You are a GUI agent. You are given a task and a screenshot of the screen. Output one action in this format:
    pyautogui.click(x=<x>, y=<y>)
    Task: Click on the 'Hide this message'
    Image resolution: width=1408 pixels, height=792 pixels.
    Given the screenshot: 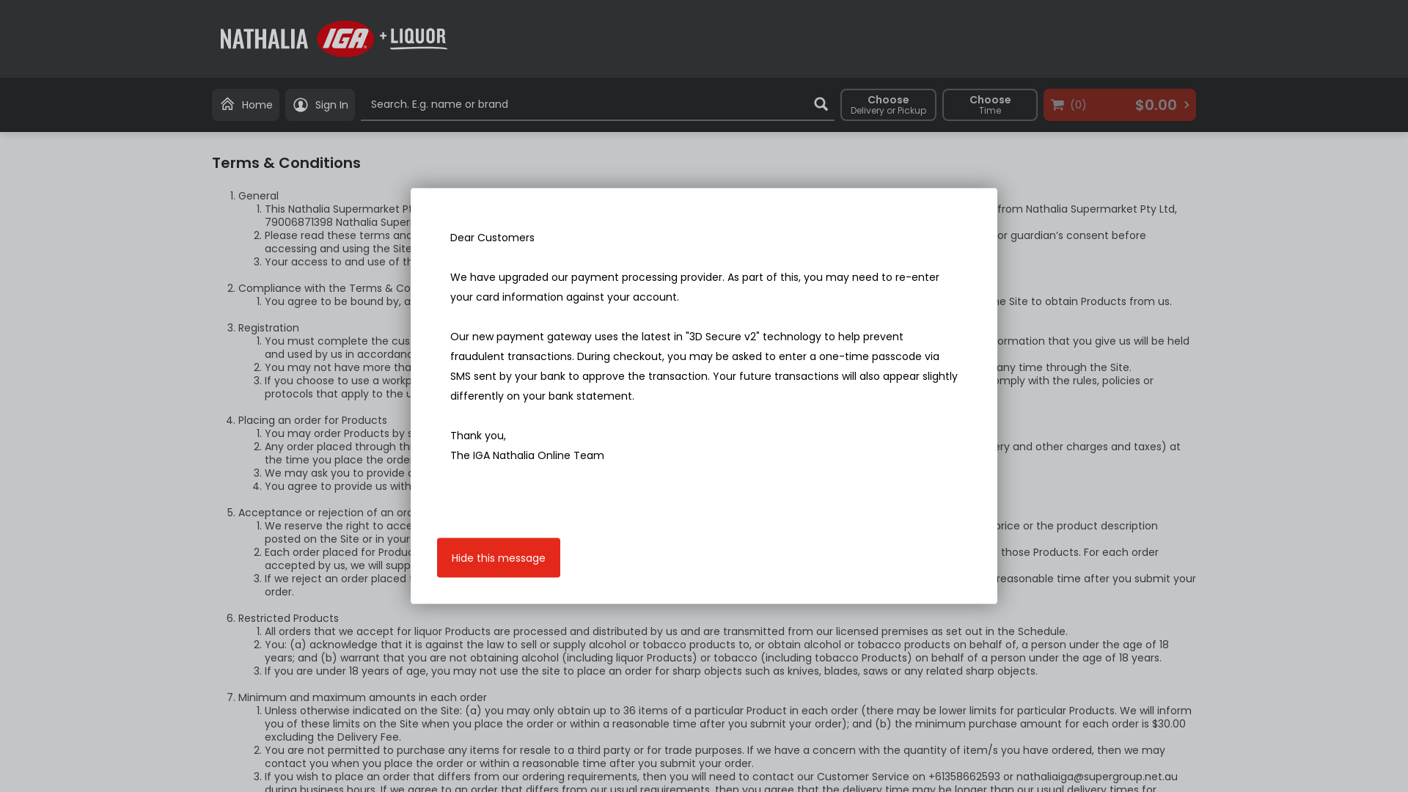 What is the action you would take?
    pyautogui.click(x=499, y=557)
    